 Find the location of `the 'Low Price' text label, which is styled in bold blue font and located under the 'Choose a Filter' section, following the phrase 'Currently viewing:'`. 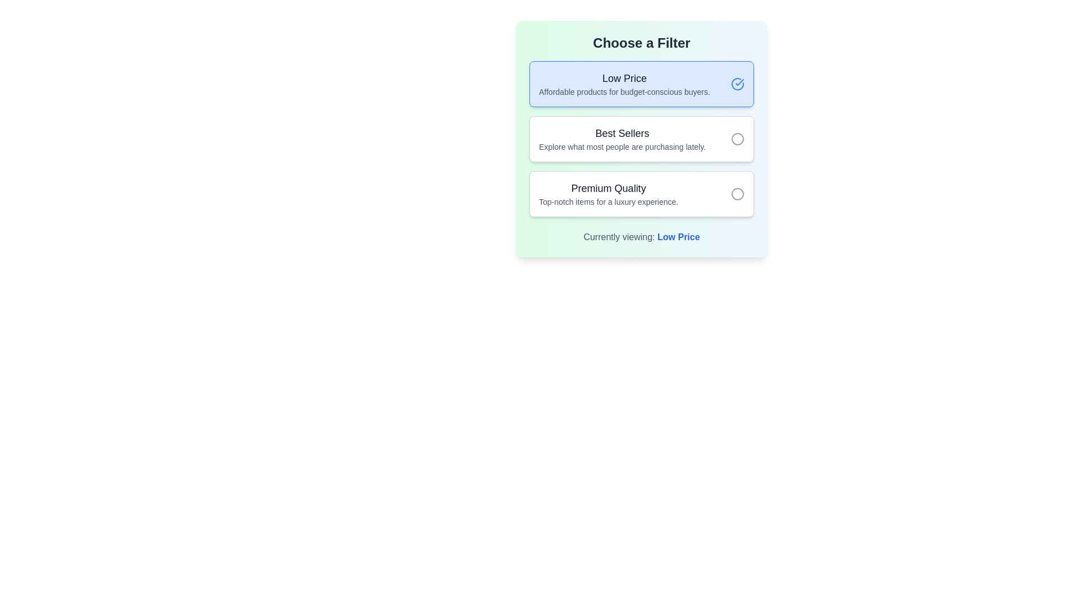

the 'Low Price' text label, which is styled in bold blue font and located under the 'Choose a Filter' section, following the phrase 'Currently viewing:' is located at coordinates (678, 236).